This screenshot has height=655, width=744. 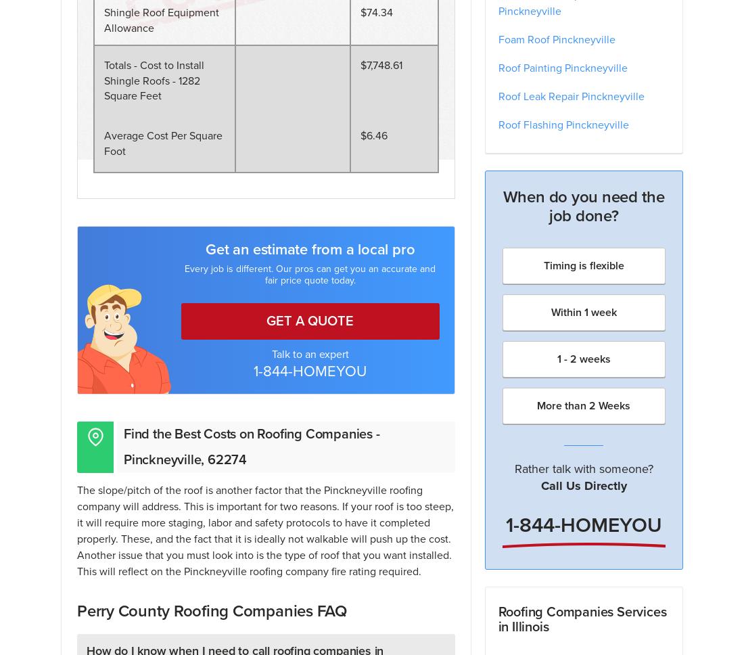 What do you see at coordinates (309, 248) in the screenshot?
I see `'Get an estimate from a local pro'` at bounding box center [309, 248].